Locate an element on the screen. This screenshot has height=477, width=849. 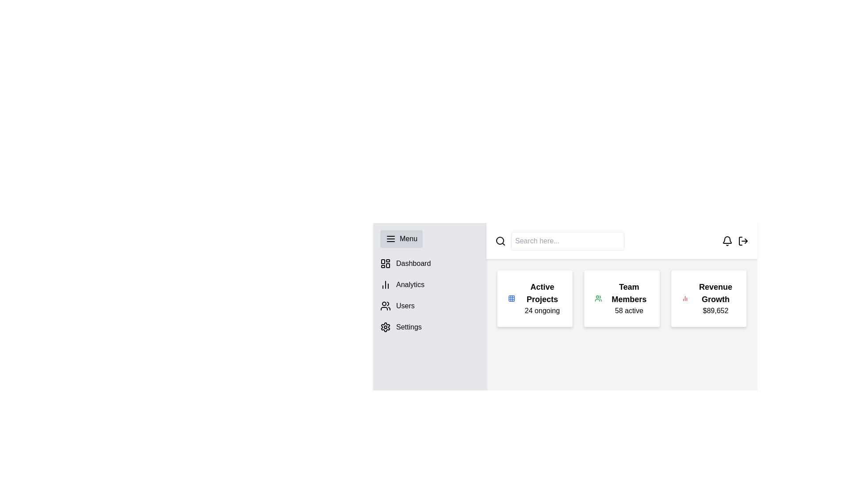
first rectangular graphical element (Icon component) located at the top-left position within the dashboard layout icon is located at coordinates (383, 261).